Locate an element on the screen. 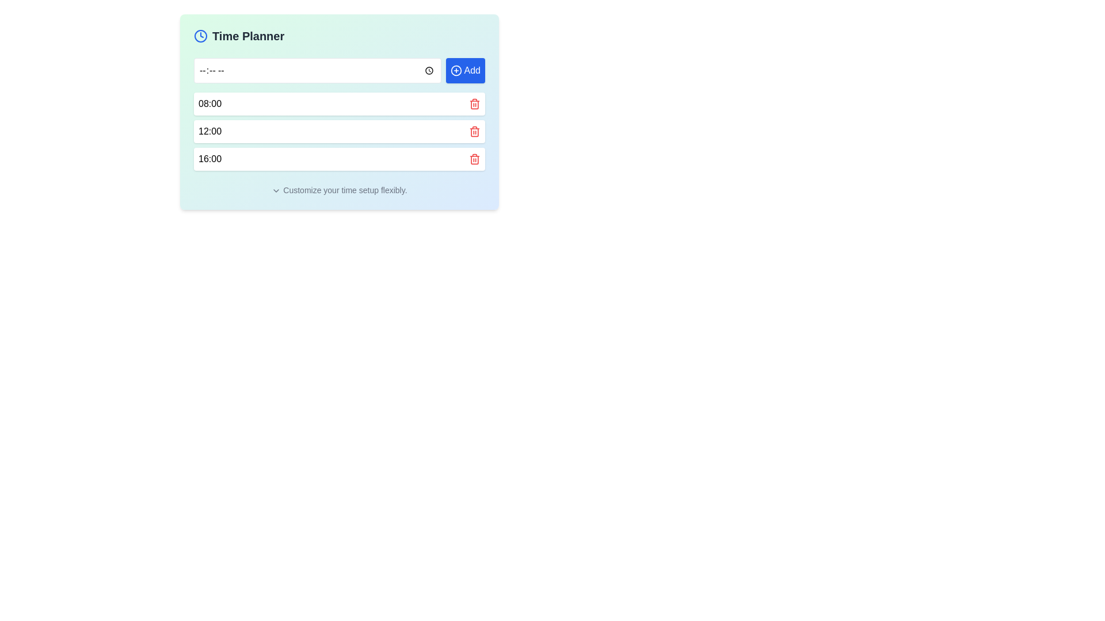 This screenshot has width=1105, height=621. the decorative graphical circle within the 'Add' button located at the top-right corner of the planner interface is located at coordinates (455, 71).